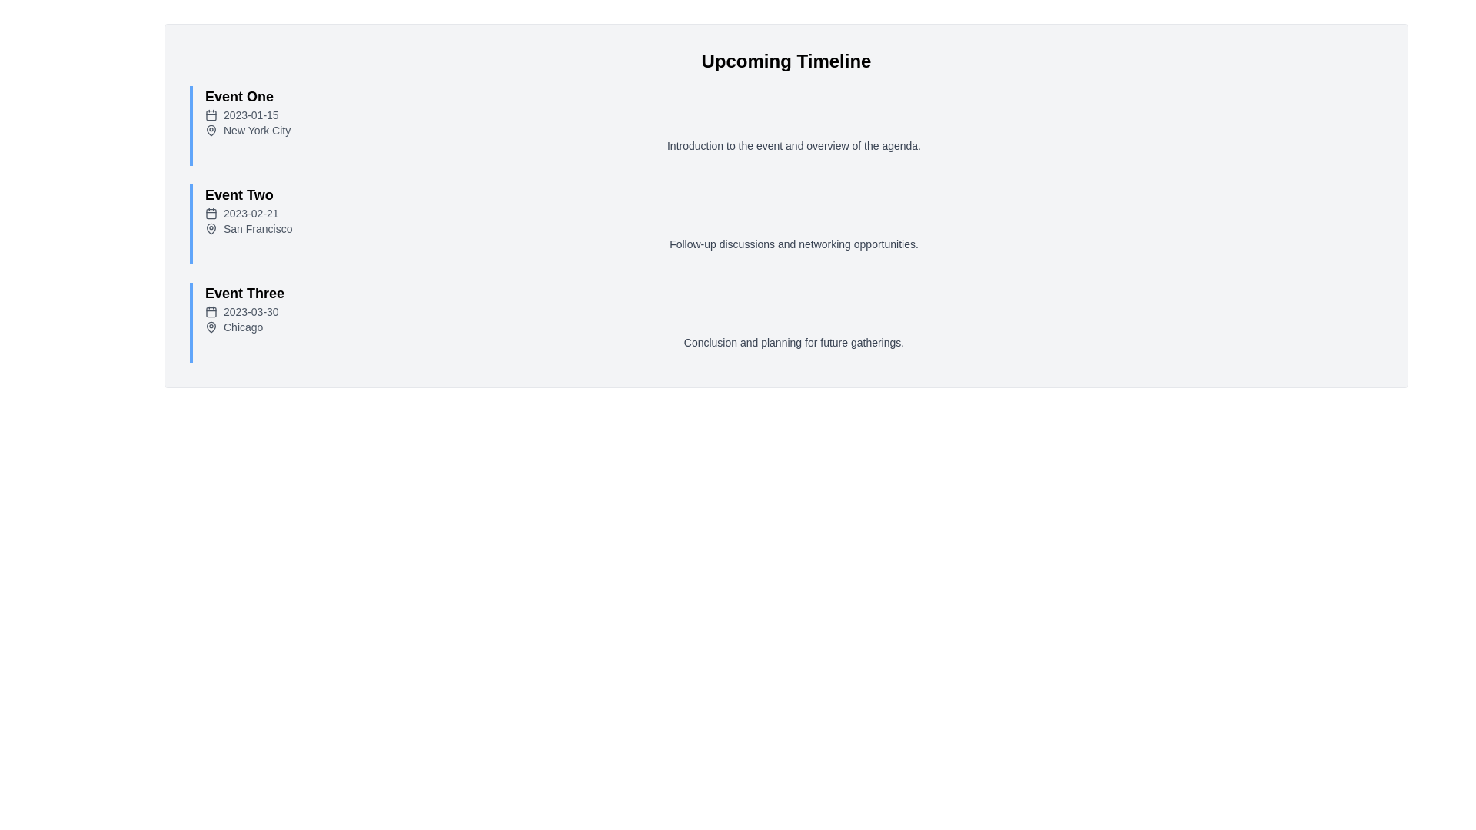  Describe the element at coordinates (786, 61) in the screenshot. I see `the bold heading element with the text 'Upcoming Timeline', which is styled to emphasize its importance and is centered at the top of the section` at that location.